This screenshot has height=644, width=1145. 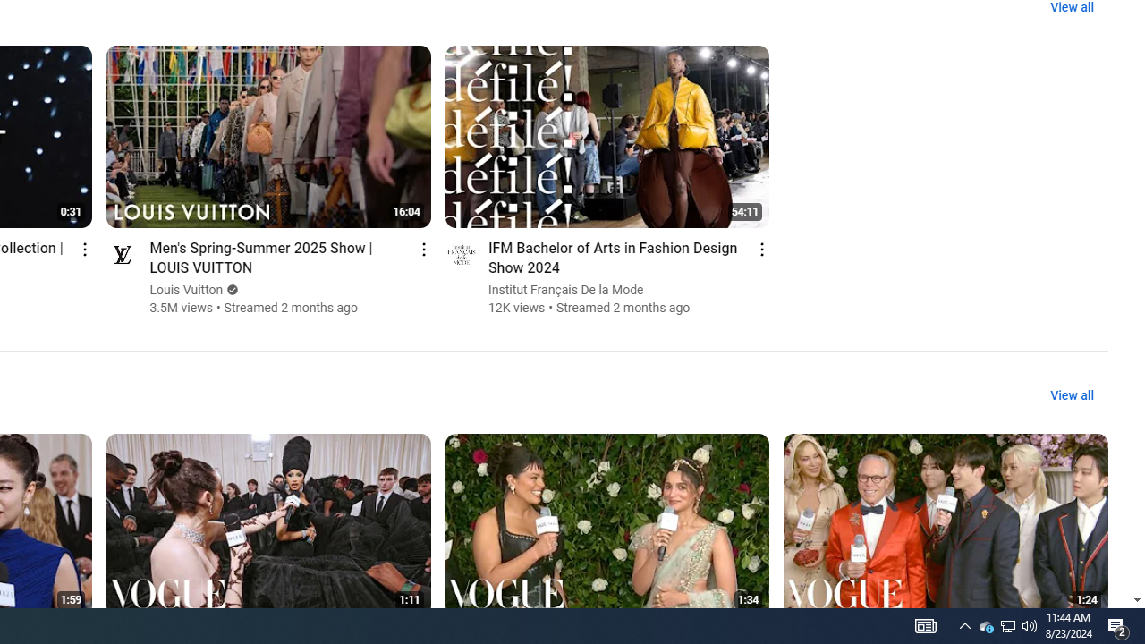 What do you see at coordinates (1072, 394) in the screenshot?
I see `'View all'` at bounding box center [1072, 394].